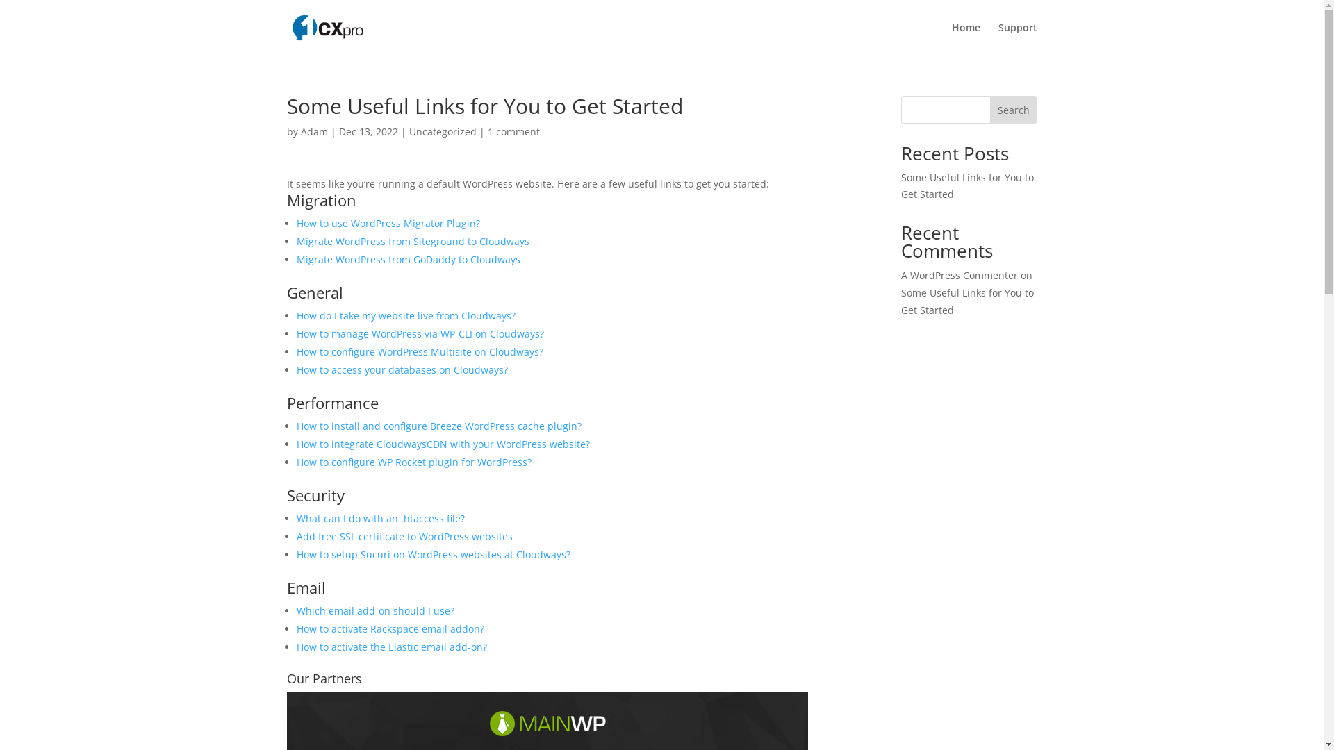 The image size is (1334, 750). Describe the element at coordinates (389, 628) in the screenshot. I see `'How to activate Rackspace email addon?'` at that location.